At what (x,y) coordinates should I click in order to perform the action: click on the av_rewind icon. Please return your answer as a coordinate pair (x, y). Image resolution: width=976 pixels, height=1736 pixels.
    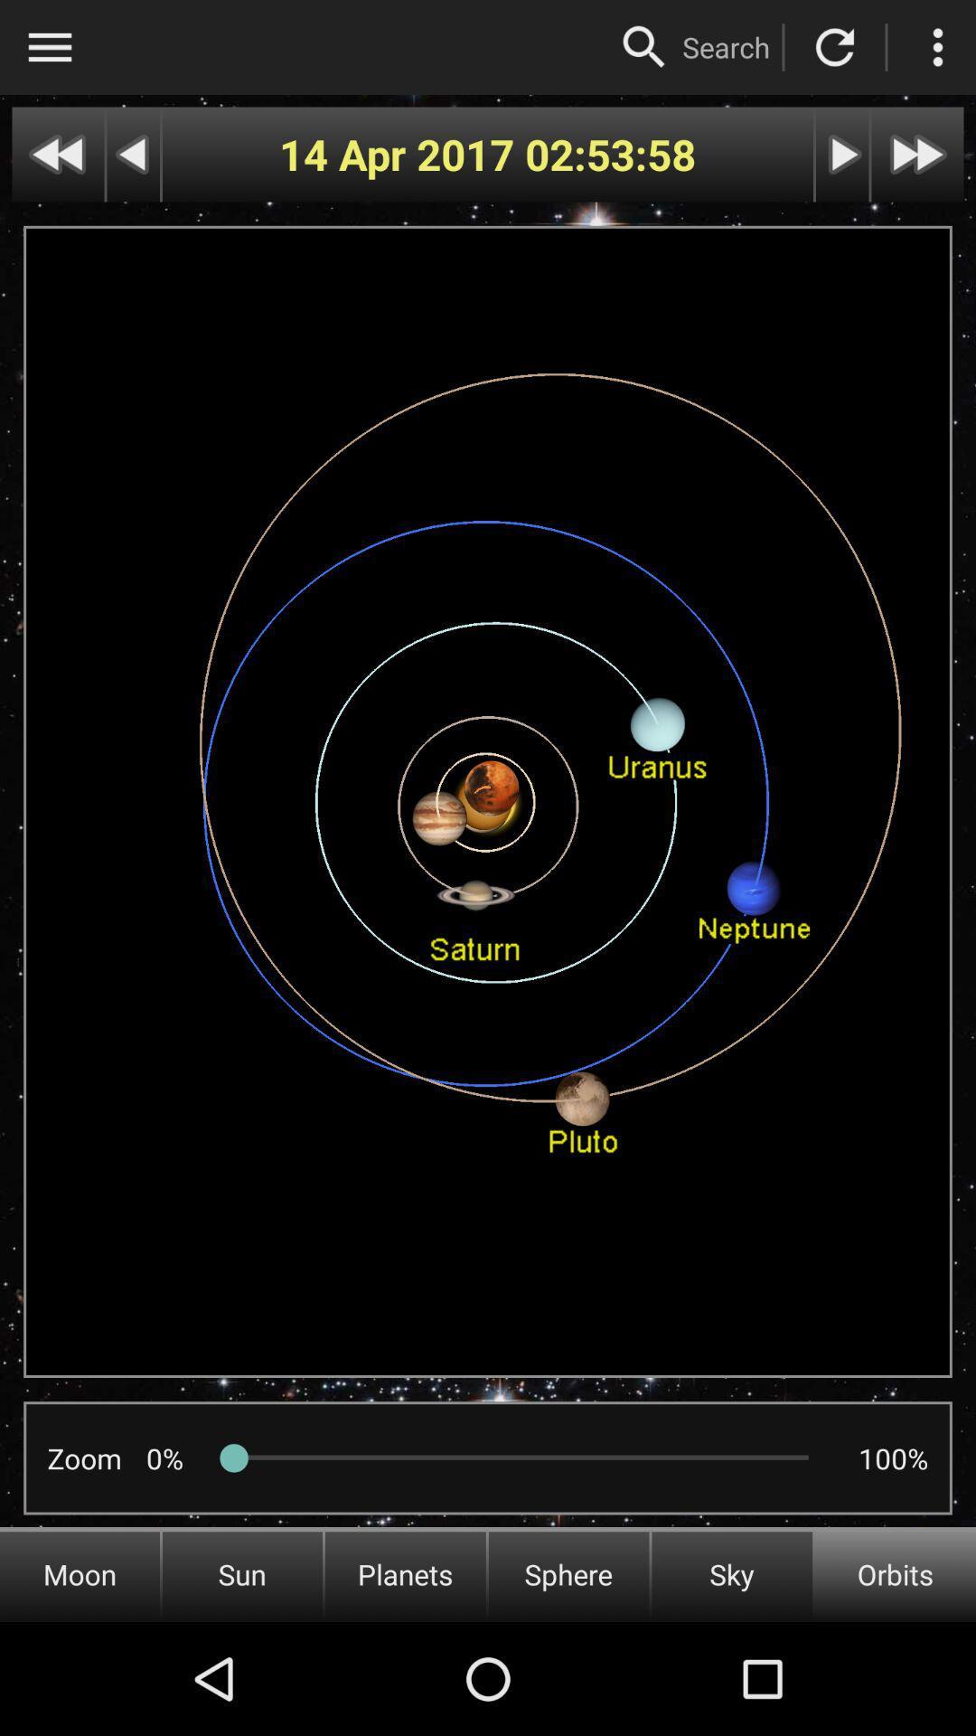
    Looking at the image, I should click on (57, 155).